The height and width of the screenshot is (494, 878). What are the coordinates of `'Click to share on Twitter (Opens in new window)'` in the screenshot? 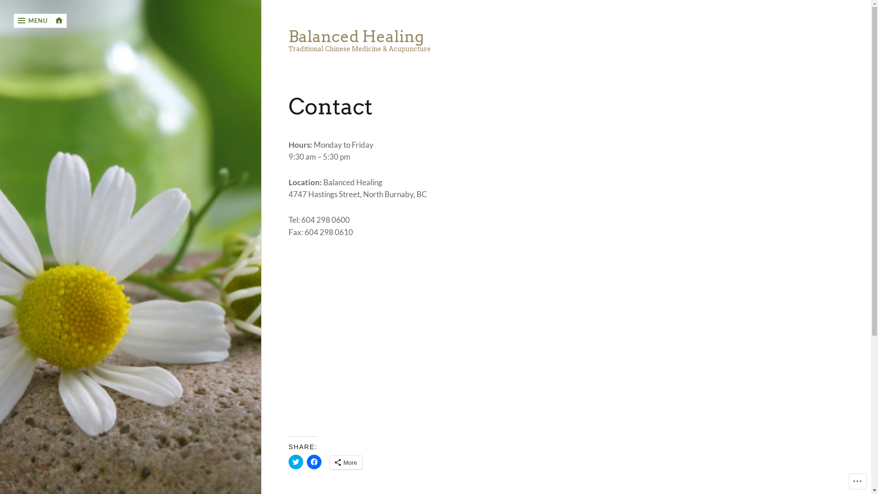 It's located at (296, 462).